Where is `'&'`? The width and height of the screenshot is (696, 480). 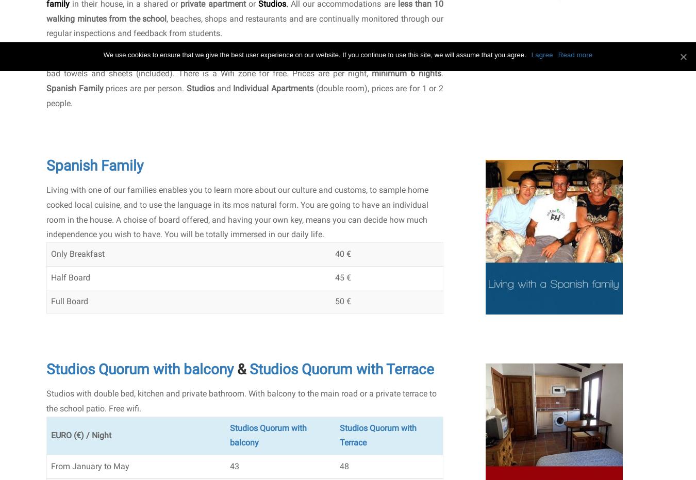 '&' is located at coordinates (241, 369).